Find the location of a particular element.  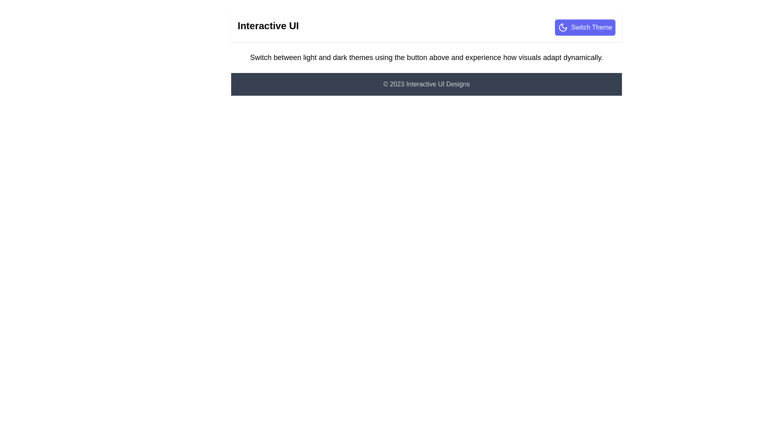

the static text that reads 'Switch between light and dark themes using the button above and experience how visuals adapt dynamically.' to check for potential tooltips is located at coordinates (426, 57).